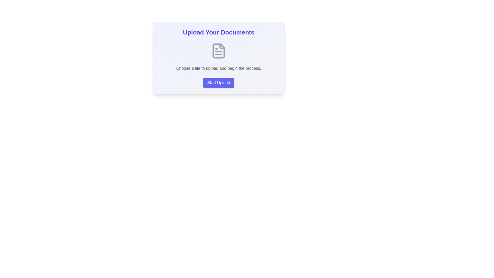 This screenshot has height=278, width=494. Describe the element at coordinates (218, 68) in the screenshot. I see `the text label displaying the message 'Choose a file to upload and begin the process.' which is styled with a gray color and is located below the title 'Upload Your Documents'` at that location.